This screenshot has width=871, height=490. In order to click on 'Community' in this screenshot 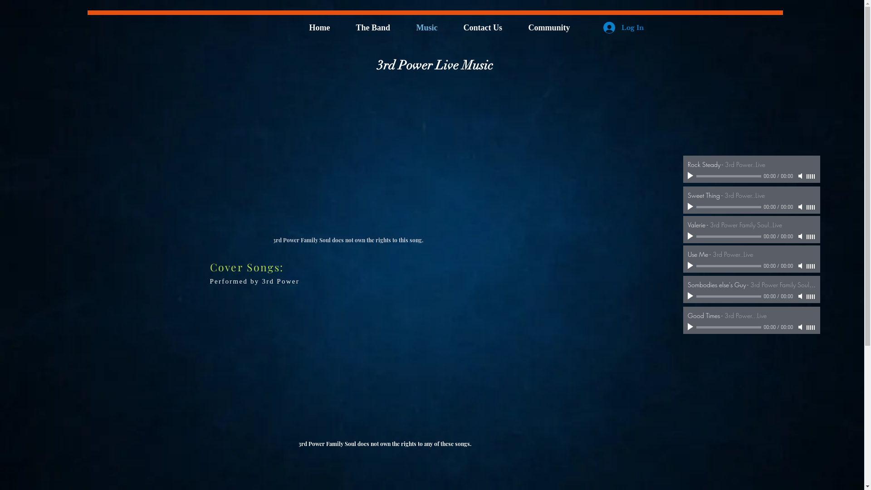, I will do `click(522, 27)`.